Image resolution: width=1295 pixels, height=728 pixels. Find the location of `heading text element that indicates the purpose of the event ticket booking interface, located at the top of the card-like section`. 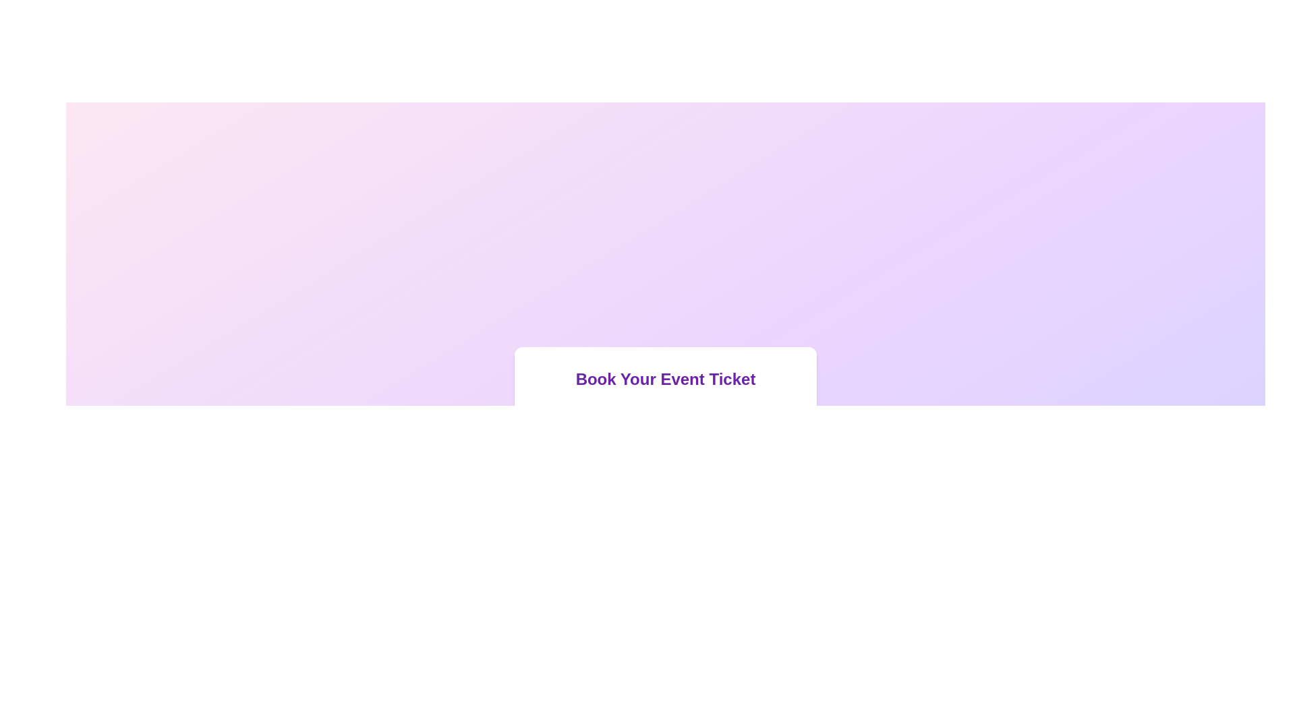

heading text element that indicates the purpose of the event ticket booking interface, located at the top of the card-like section is located at coordinates (666, 379).